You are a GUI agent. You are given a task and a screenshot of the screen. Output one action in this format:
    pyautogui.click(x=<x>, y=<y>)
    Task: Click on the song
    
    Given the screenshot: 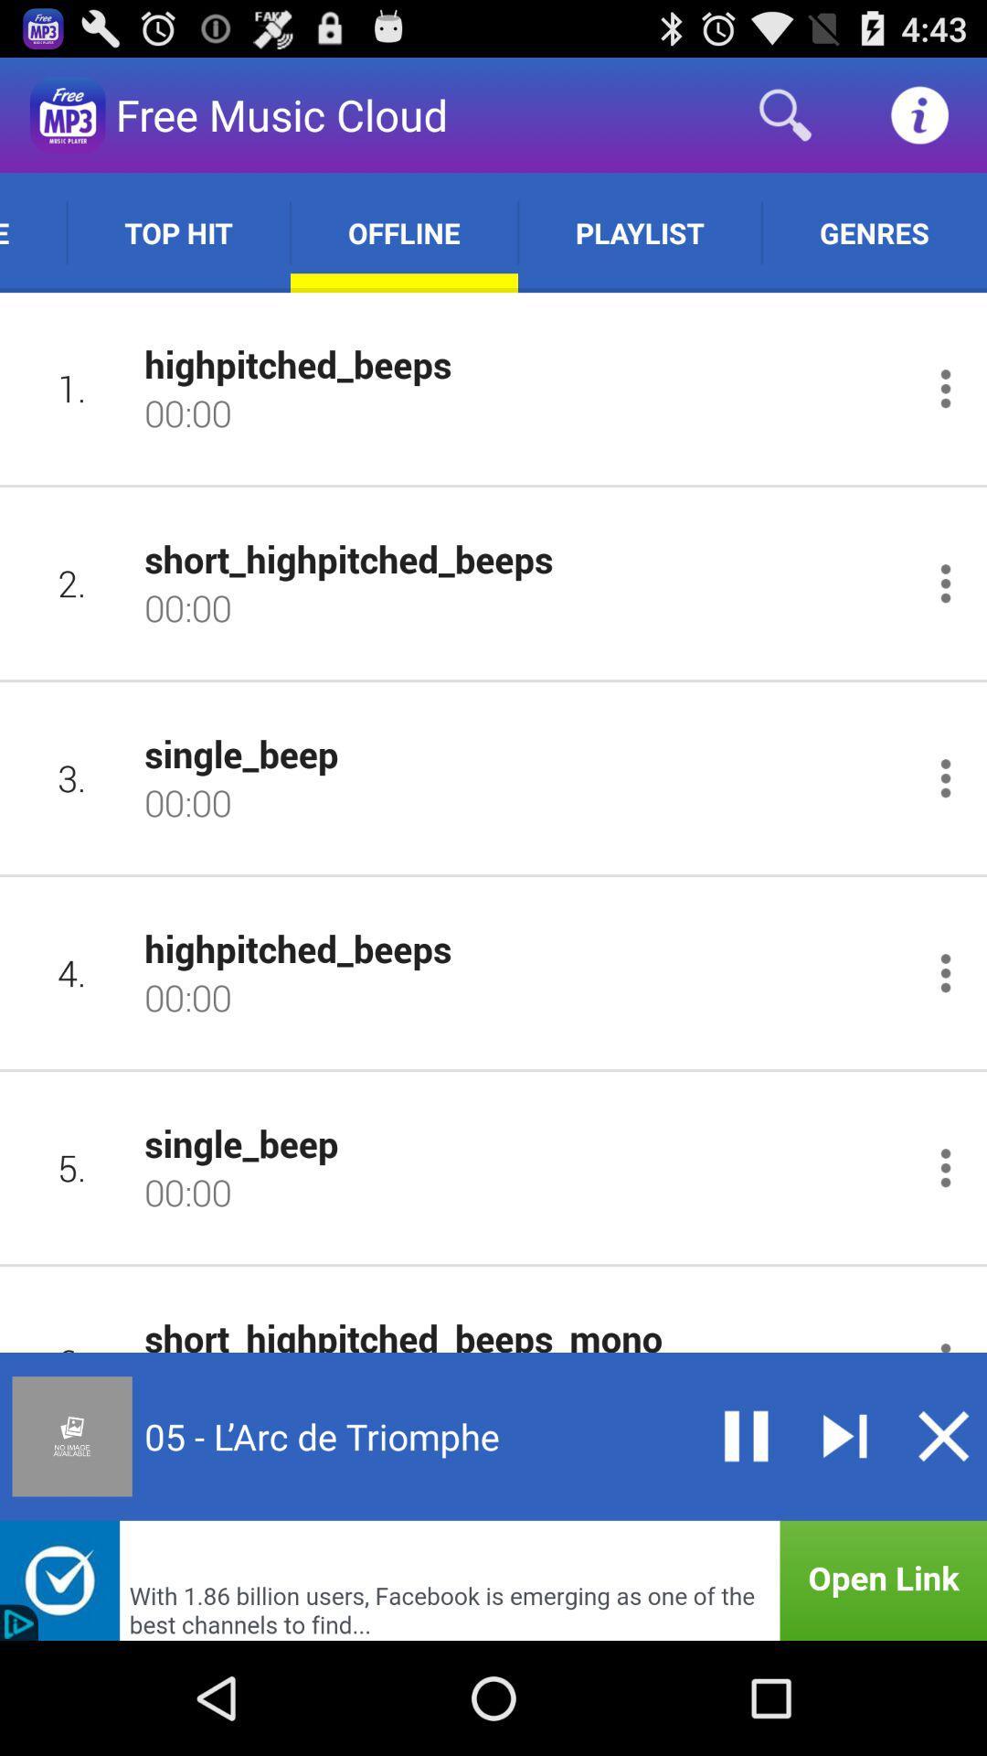 What is the action you would take?
    pyautogui.click(x=844, y=1435)
    